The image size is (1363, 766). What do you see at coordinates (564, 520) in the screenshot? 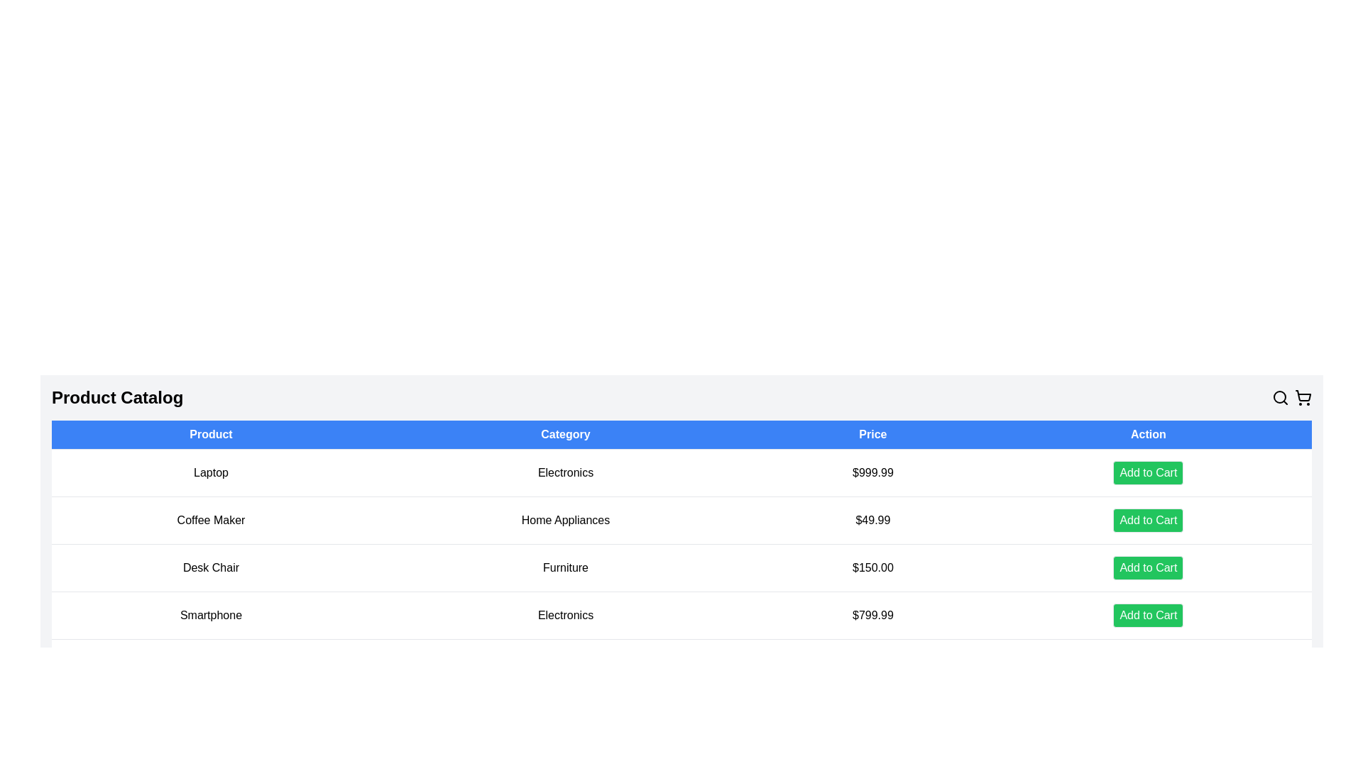
I see `the 'Home Appliances' text label located centrally under the 'Category' column in the 'Product Catalog' table` at bounding box center [564, 520].